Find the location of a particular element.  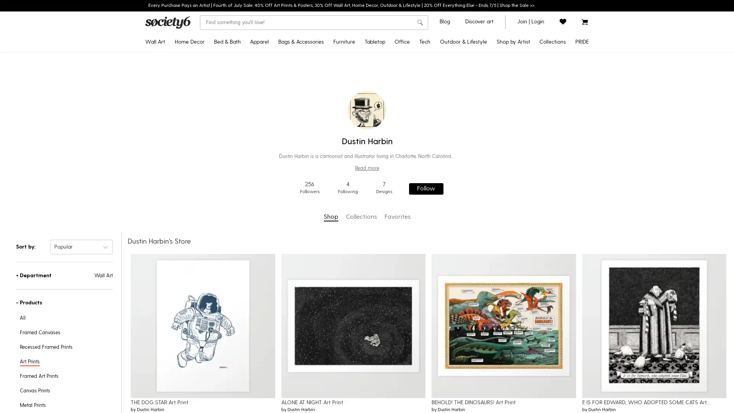

Tapestries is located at coordinates (204, 61).